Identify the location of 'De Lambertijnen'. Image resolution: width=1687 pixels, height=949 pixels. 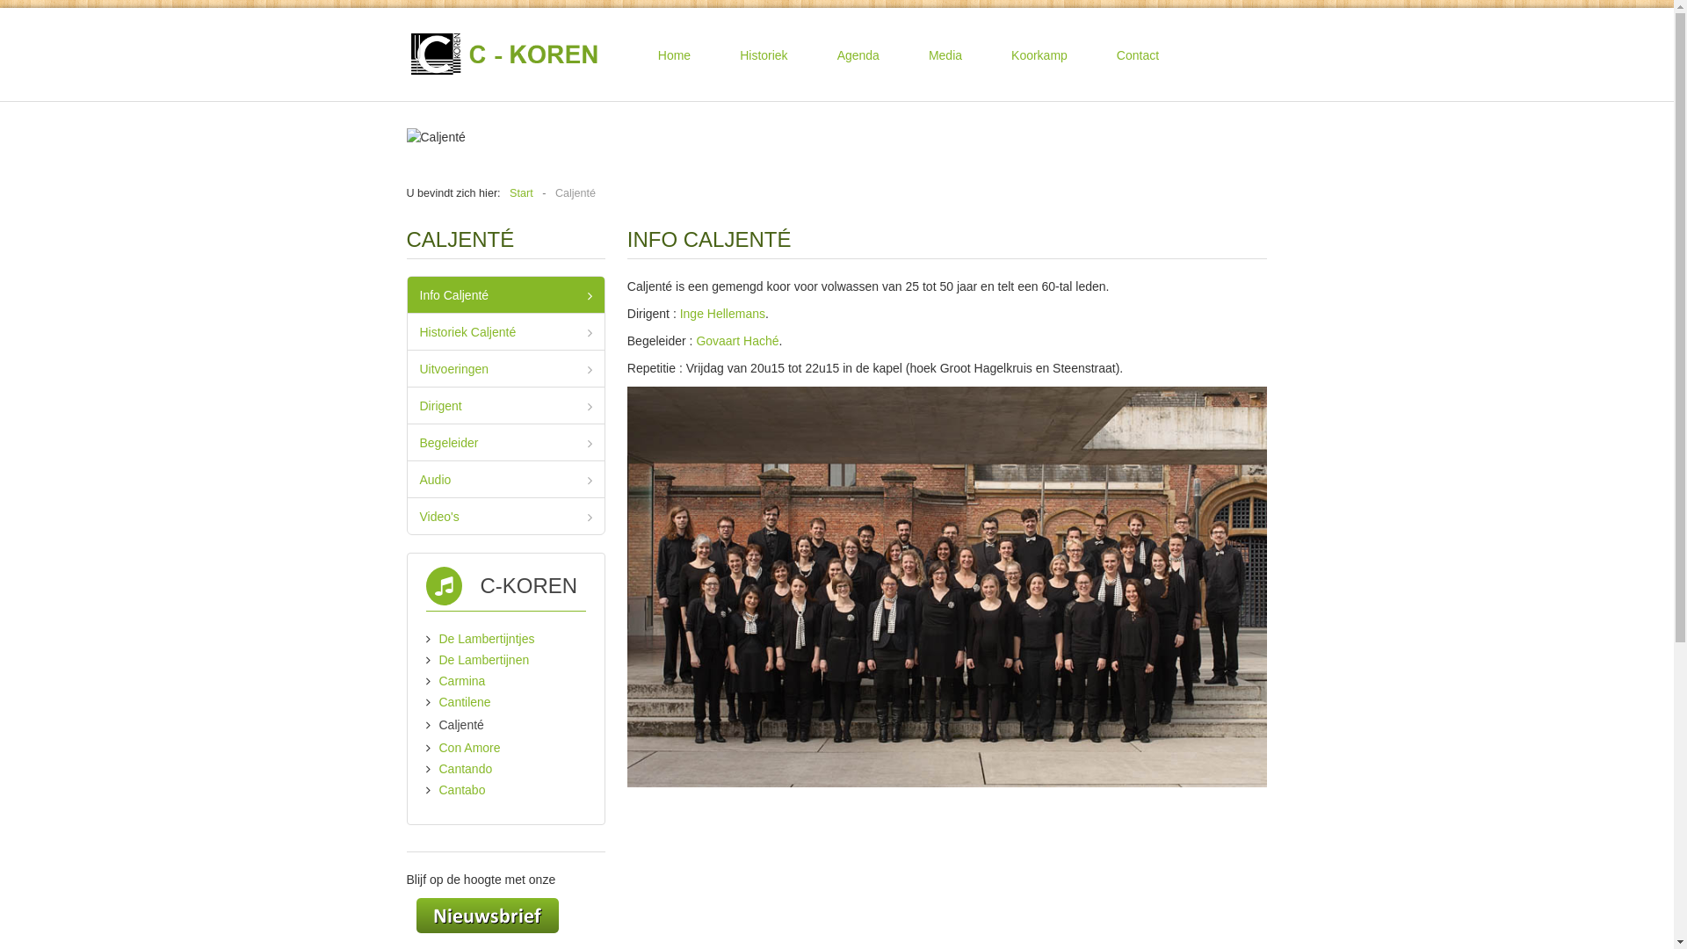
(484, 660).